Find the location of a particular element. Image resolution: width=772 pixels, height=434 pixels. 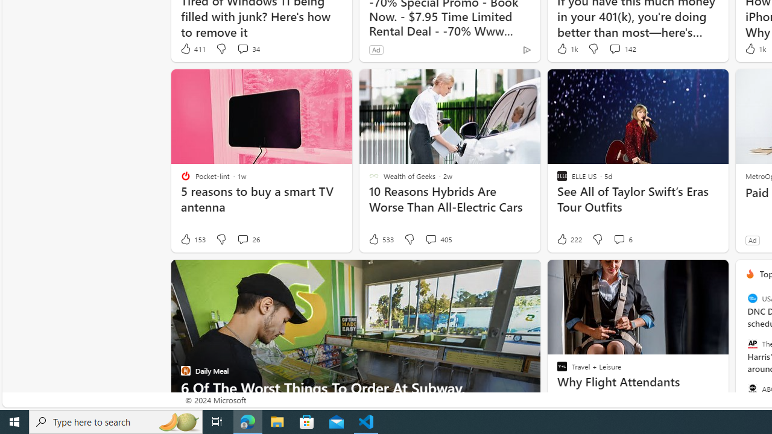

'Ad Choice' is located at coordinates (527, 49).